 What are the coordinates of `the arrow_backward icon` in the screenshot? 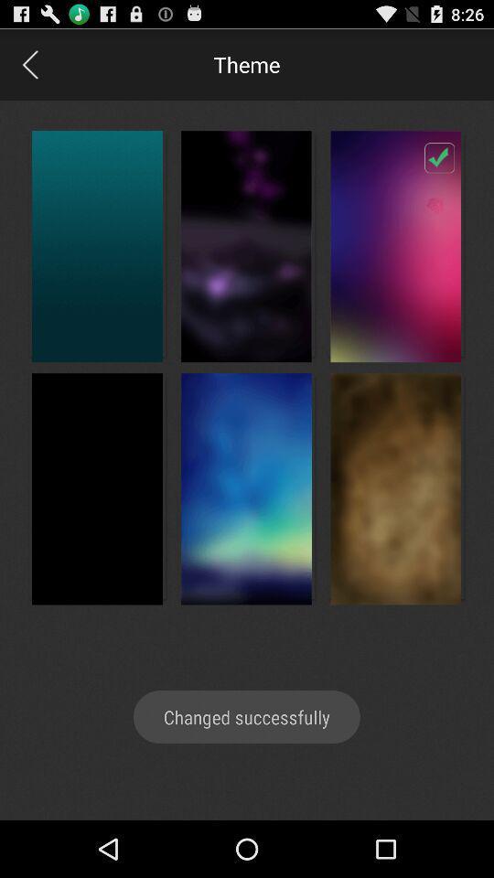 It's located at (28, 69).